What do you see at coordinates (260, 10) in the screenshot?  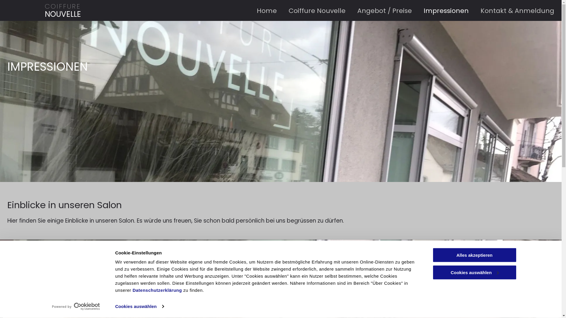 I see `'Home'` at bounding box center [260, 10].